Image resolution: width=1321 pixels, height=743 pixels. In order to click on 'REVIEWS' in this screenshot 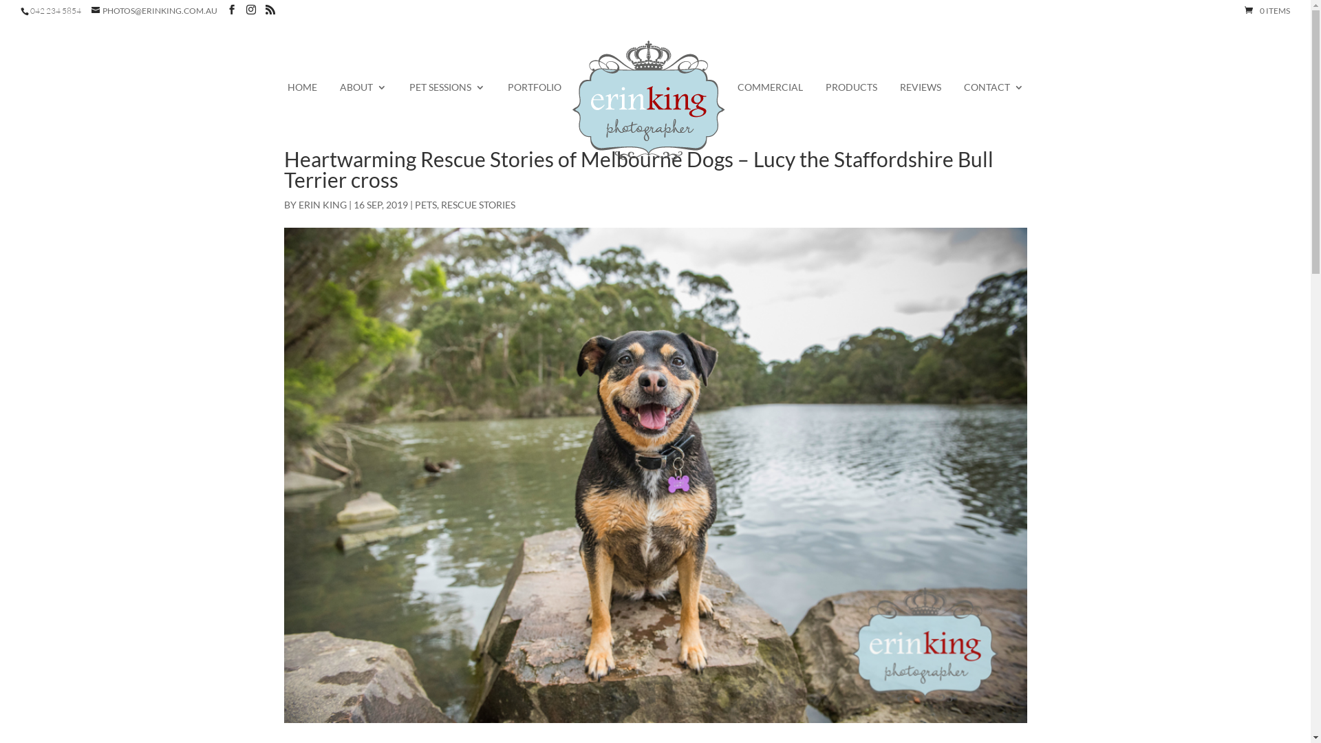, I will do `click(900, 95)`.